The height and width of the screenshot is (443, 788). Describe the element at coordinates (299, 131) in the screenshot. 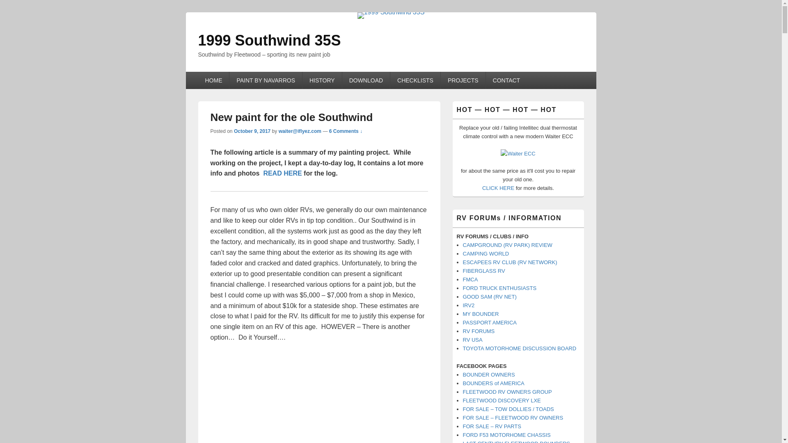

I see `'waiter@iflyez.com'` at that location.